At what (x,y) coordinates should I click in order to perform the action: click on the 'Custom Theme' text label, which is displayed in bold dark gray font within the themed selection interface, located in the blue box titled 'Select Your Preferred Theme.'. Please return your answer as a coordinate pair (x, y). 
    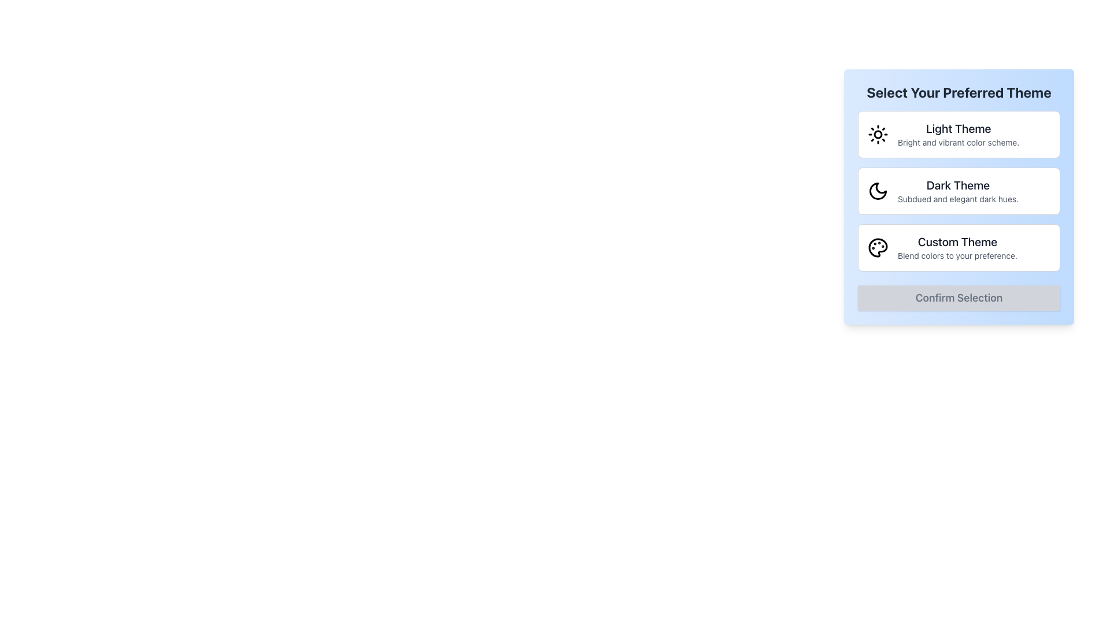
    Looking at the image, I should click on (957, 242).